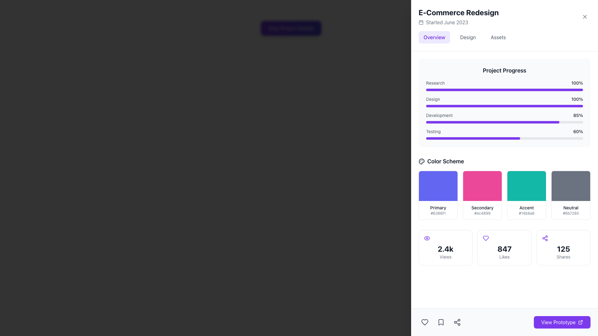 This screenshot has height=336, width=598. What do you see at coordinates (505, 70) in the screenshot?
I see `header text located at the top of the progress section, which provides context for the displayed progress bars` at bounding box center [505, 70].